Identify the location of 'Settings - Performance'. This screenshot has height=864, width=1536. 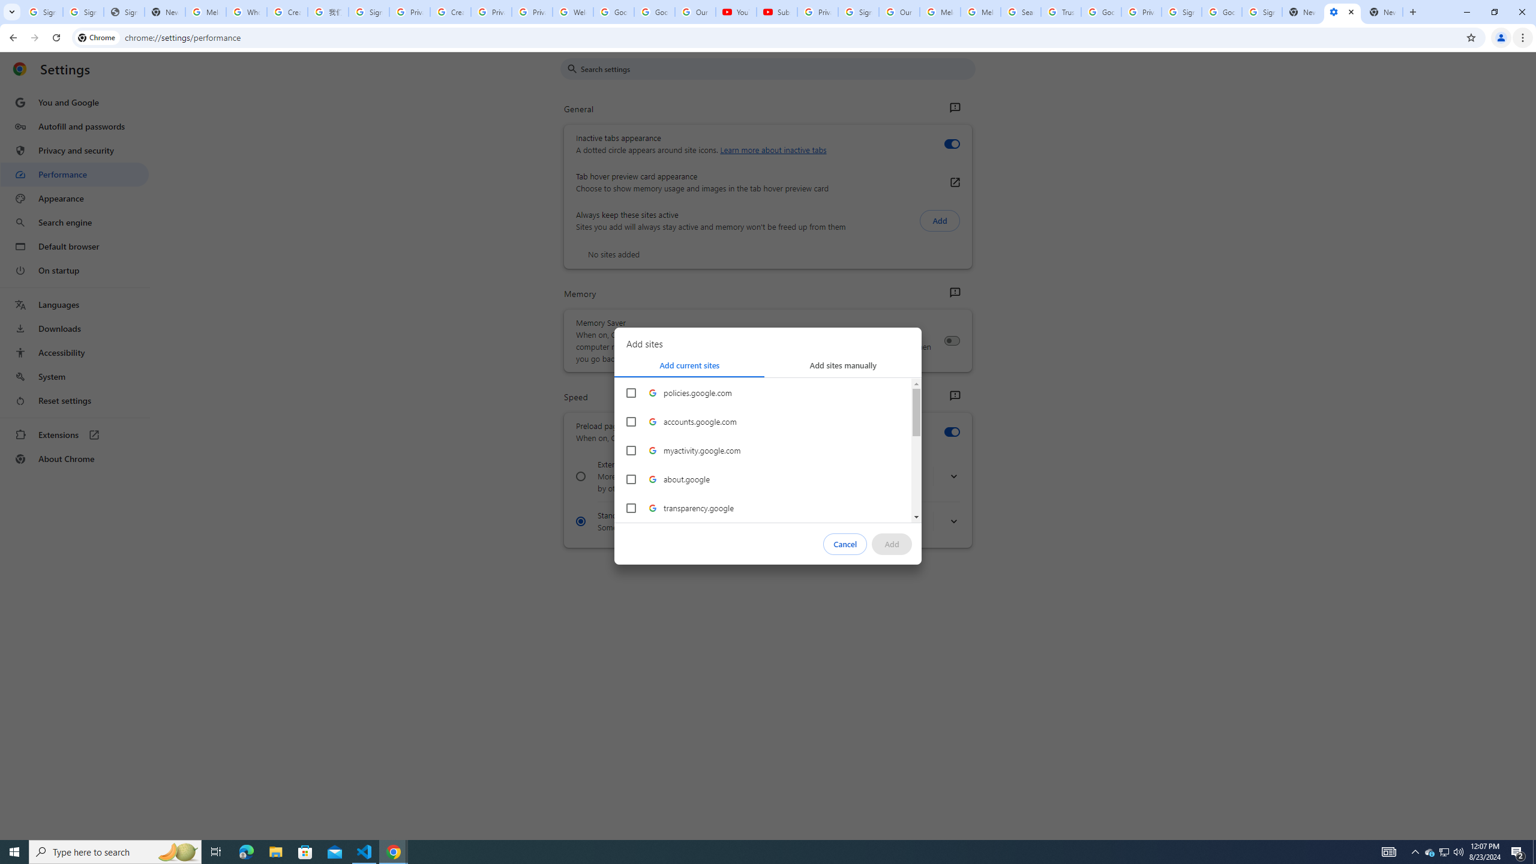
(1342, 11).